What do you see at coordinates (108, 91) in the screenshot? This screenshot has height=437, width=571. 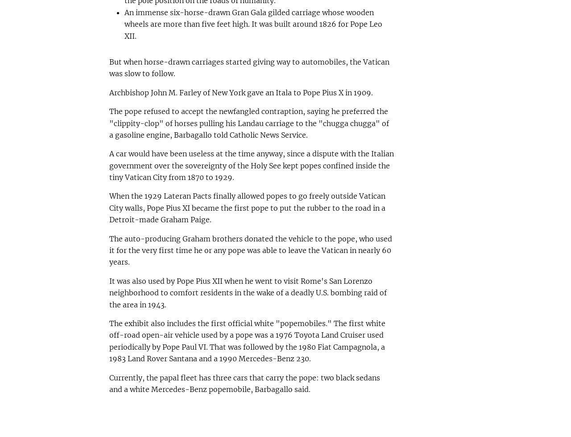 I see `'Archbishop John M. Farley of New York gave an Itala to Pope Pius X in 1909.'` at bounding box center [108, 91].